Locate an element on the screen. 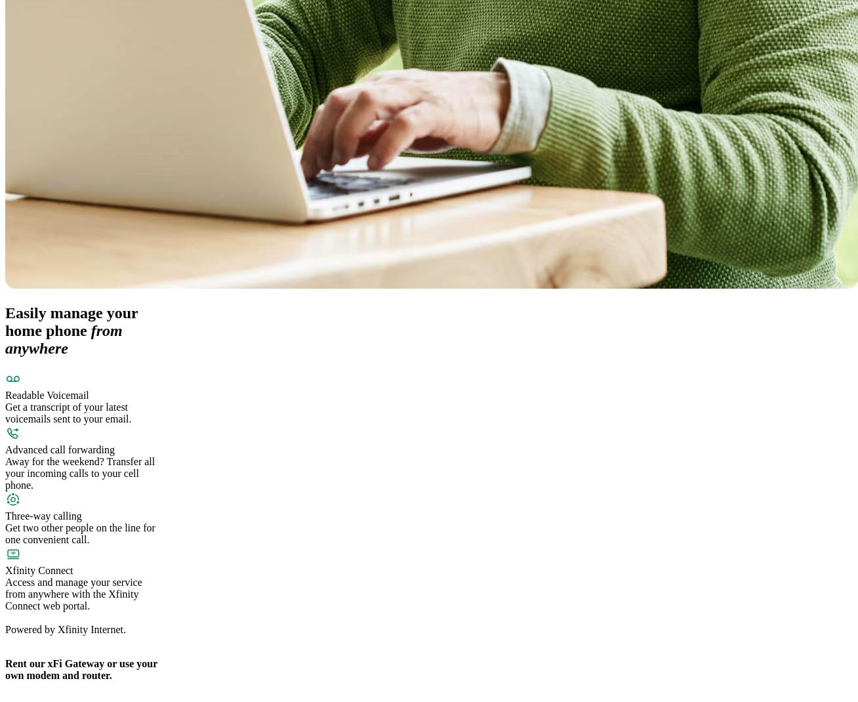  'Access and manage your service from anywhere with the Xfinity Connect web portal.' is located at coordinates (5, 593).